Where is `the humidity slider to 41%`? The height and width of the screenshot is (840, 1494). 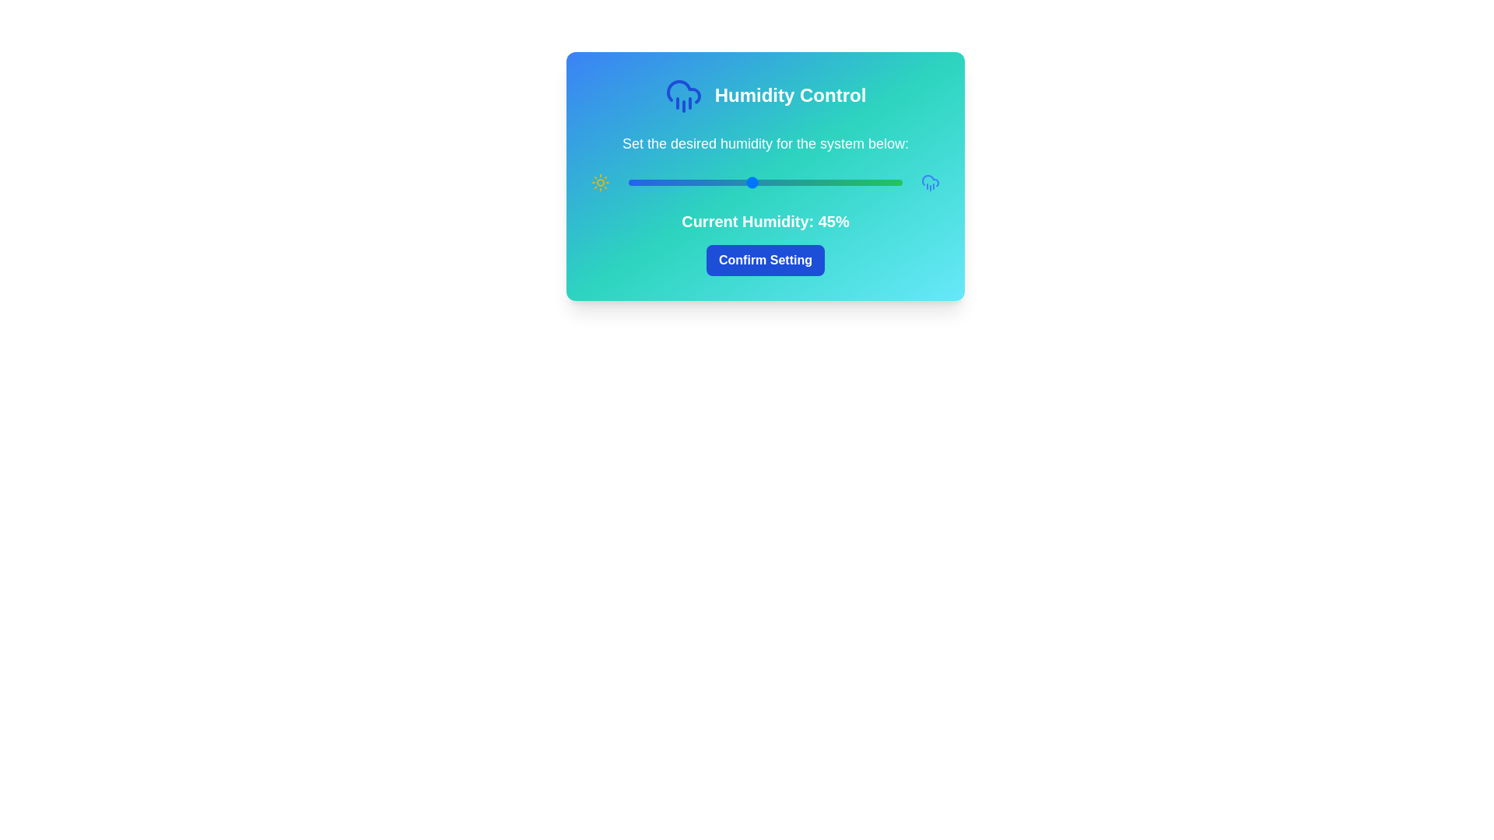 the humidity slider to 41% is located at coordinates (740, 182).